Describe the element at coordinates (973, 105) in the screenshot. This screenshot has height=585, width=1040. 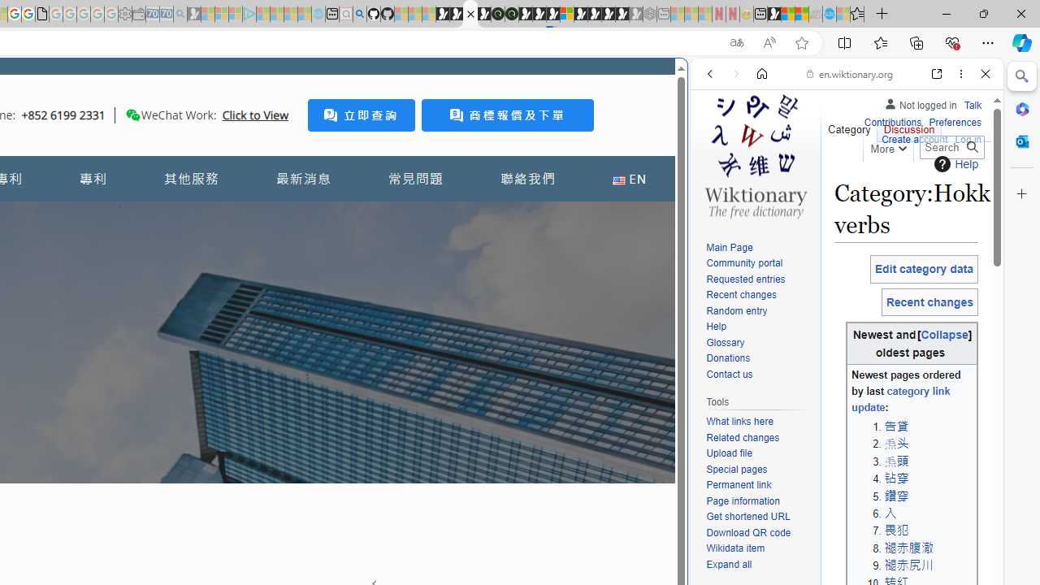
I see `'Talk'` at that location.